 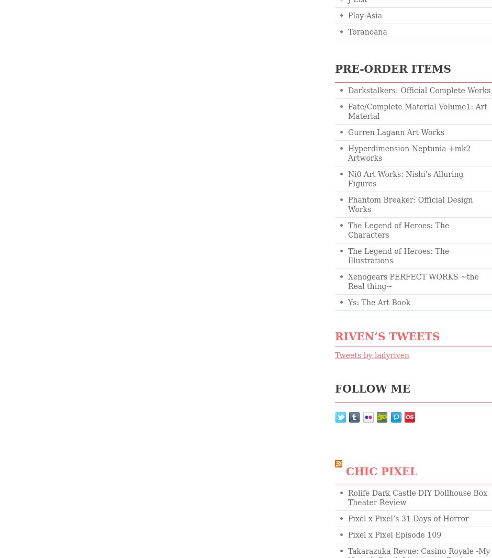 What do you see at coordinates (348, 131) in the screenshot?
I see `'Gurren Lagann Art Works'` at bounding box center [348, 131].